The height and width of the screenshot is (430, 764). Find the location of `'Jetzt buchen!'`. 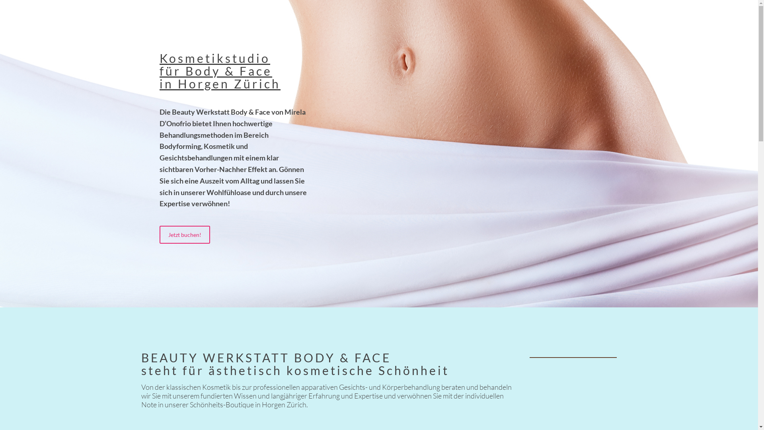

'Jetzt buchen!' is located at coordinates (184, 234).